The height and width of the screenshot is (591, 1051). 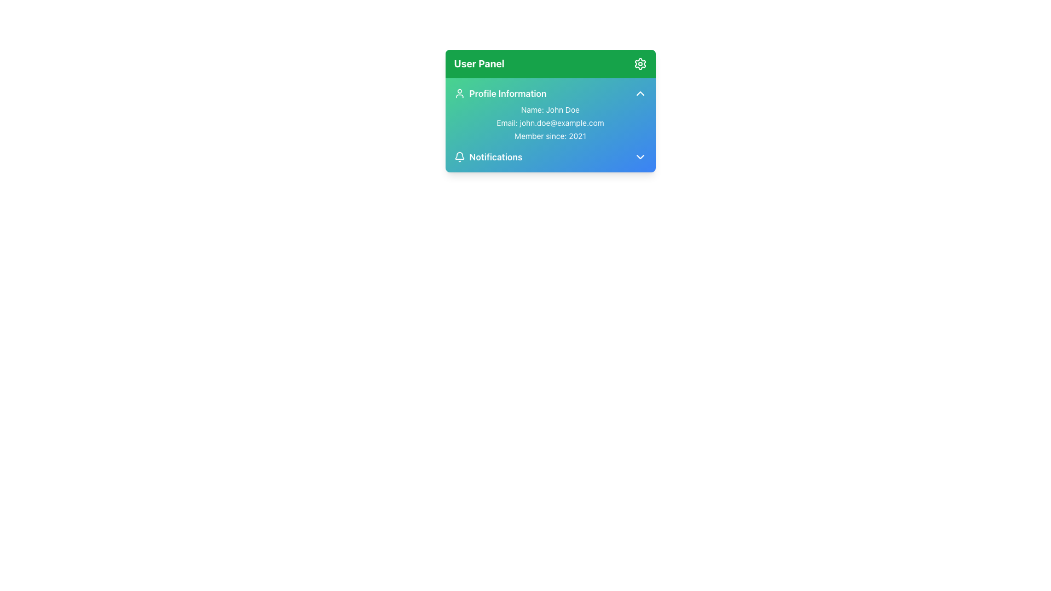 I want to click on the 'Member since: 2021' text label, which is styled with a gradient background and is the third line in the Profile Information section, so click(x=550, y=136).